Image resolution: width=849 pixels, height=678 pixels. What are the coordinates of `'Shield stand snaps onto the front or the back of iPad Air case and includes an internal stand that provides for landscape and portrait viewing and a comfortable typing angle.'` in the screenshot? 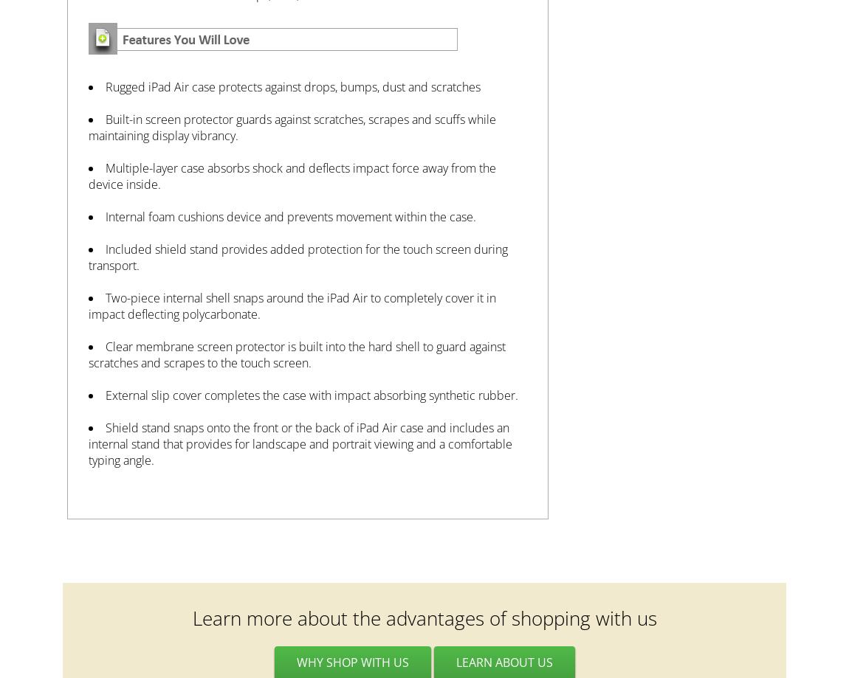 It's located at (300, 444).